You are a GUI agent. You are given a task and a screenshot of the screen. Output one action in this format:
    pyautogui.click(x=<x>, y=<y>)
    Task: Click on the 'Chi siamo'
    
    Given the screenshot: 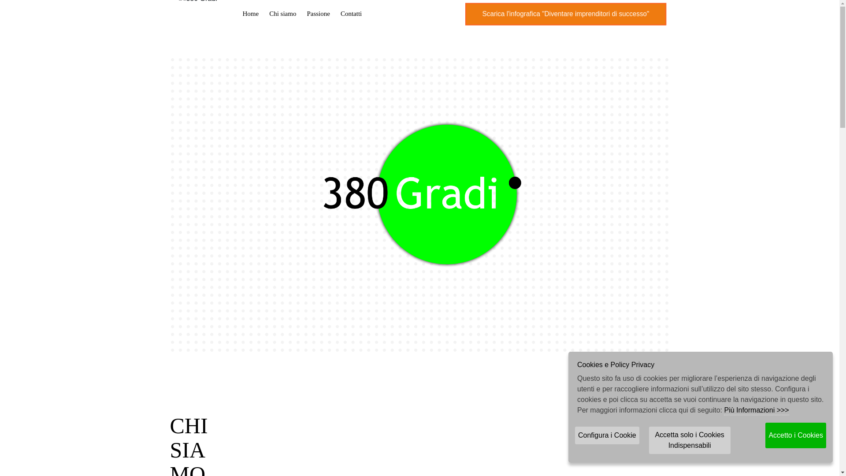 What is the action you would take?
    pyautogui.click(x=282, y=13)
    